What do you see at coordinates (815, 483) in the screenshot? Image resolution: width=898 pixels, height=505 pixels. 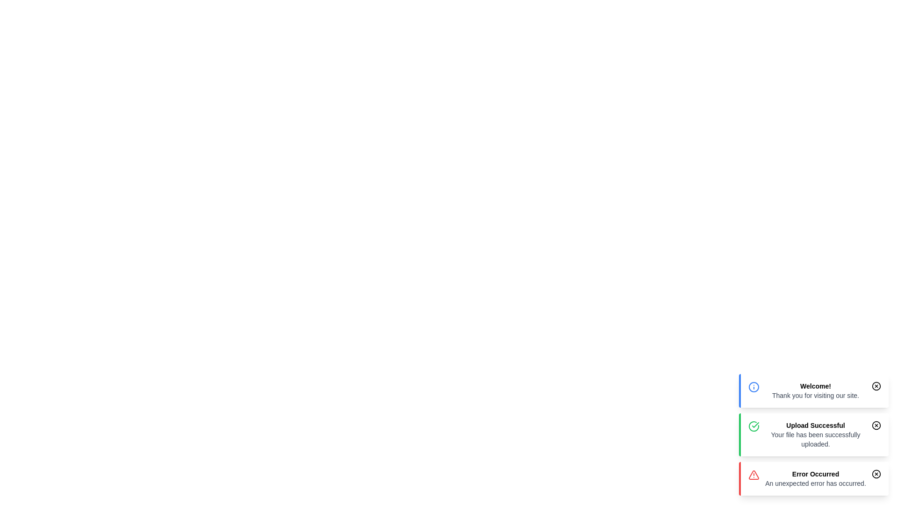 I see `the Text display that provides a description of the error event, located at the bottom of the 'Error Occurred' notification block, which is colored red with a warning icon` at bounding box center [815, 483].